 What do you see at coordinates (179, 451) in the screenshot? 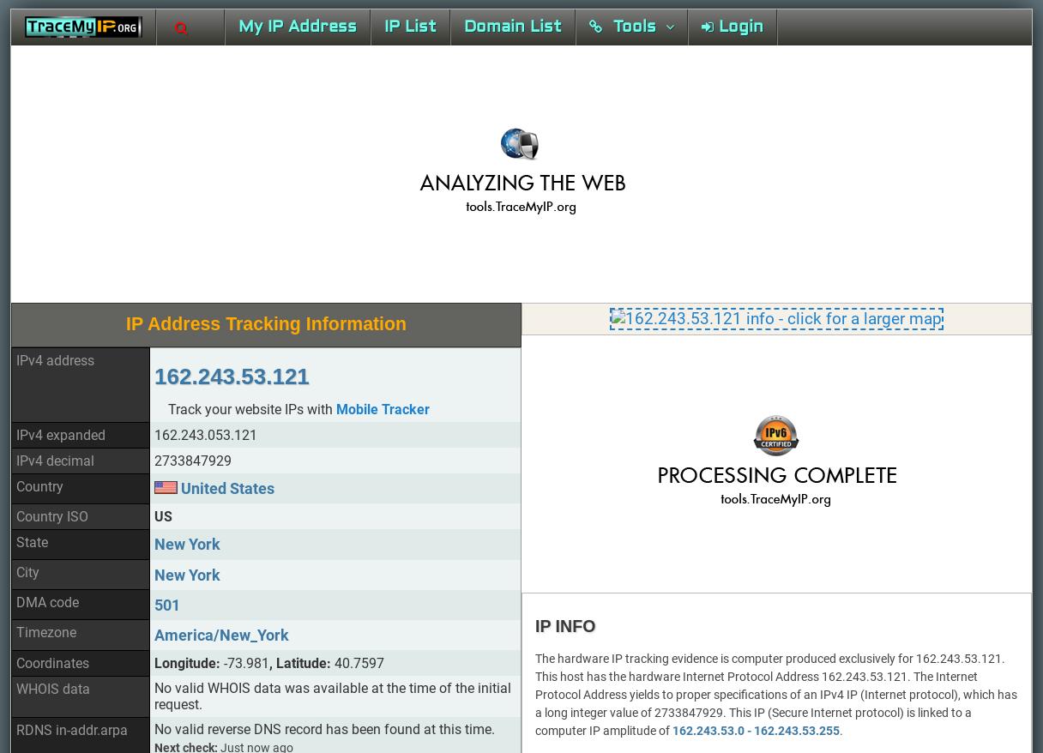
I see `'Updated:'` at bounding box center [179, 451].